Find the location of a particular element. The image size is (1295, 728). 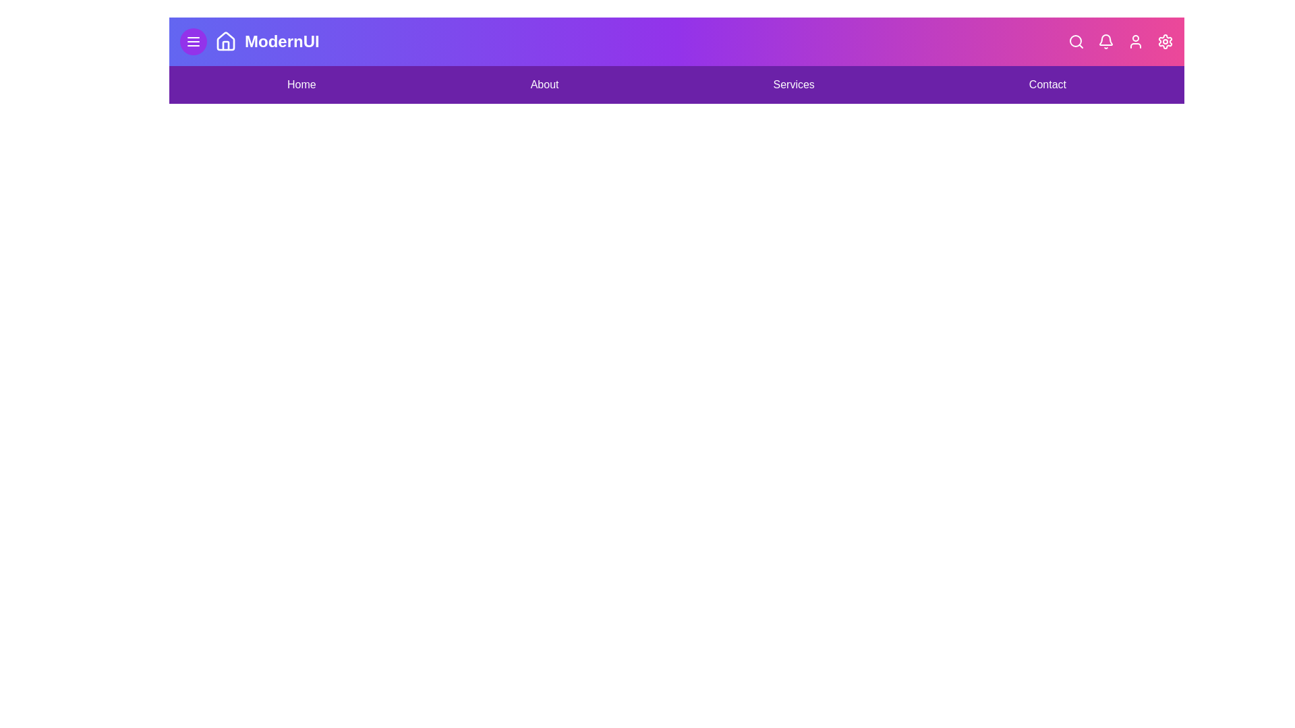

the Search icon on the right side of the bar is located at coordinates (1076, 40).